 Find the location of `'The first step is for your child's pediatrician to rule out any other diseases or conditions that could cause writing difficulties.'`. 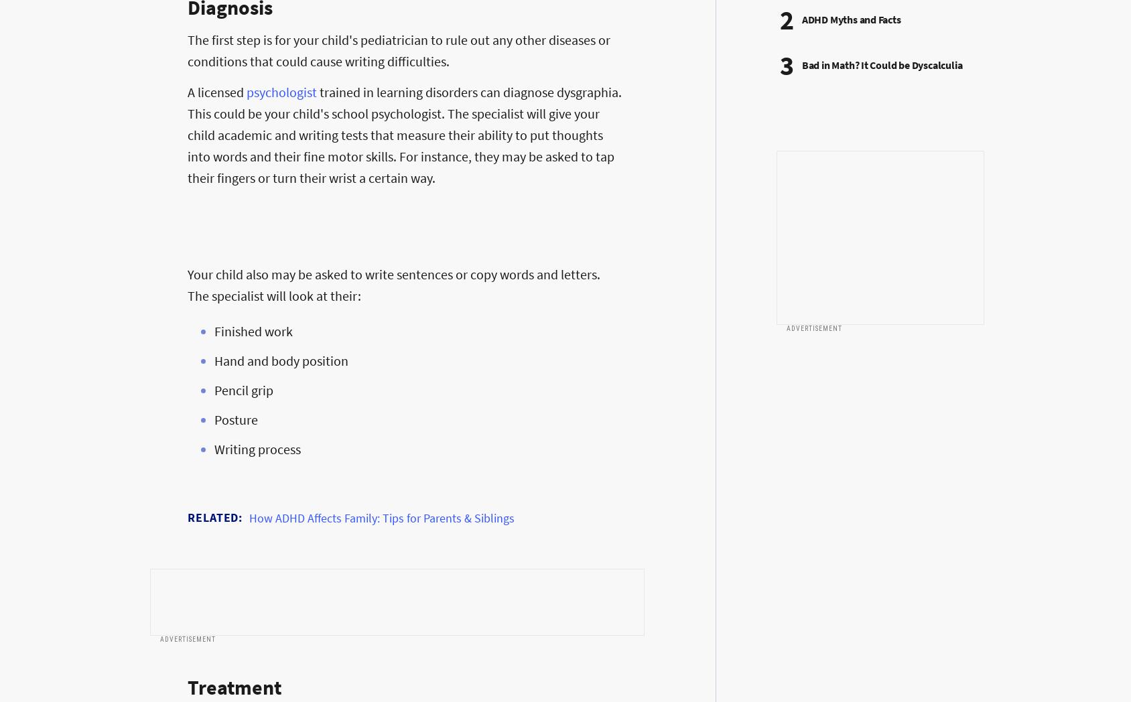

'The first step is for your child's pediatrician to rule out any other diseases or conditions that could cause writing difficulties.' is located at coordinates (399, 50).